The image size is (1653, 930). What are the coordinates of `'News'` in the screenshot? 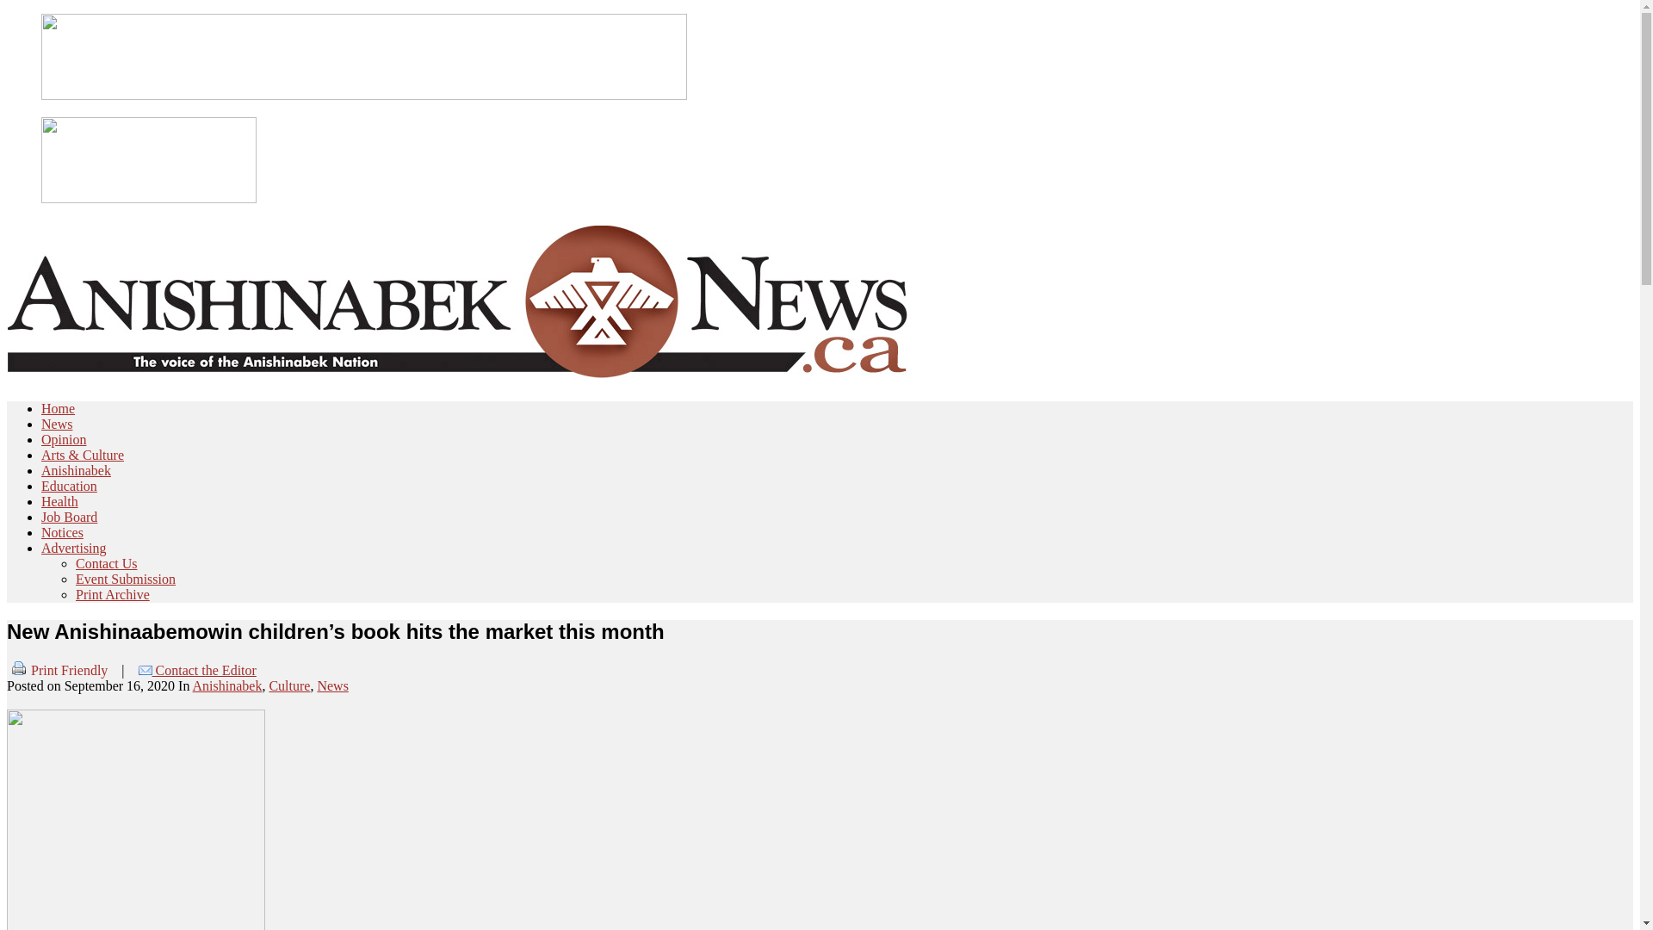 It's located at (57, 424).